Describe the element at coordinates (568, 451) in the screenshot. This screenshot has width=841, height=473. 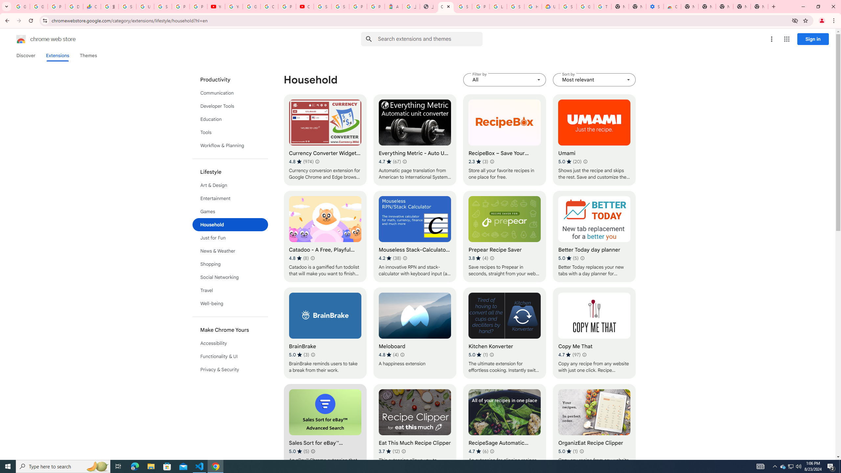
I see `'Average rating 5 out of 5 stars. 1 rating.'` at that location.